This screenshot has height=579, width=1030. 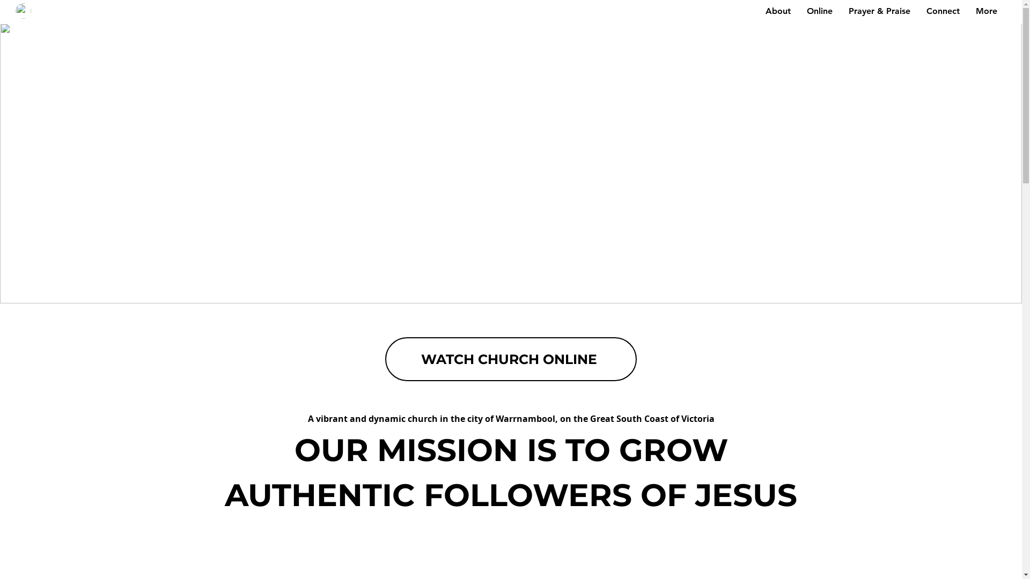 What do you see at coordinates (879, 11) in the screenshot?
I see `'Prayer & Praise'` at bounding box center [879, 11].